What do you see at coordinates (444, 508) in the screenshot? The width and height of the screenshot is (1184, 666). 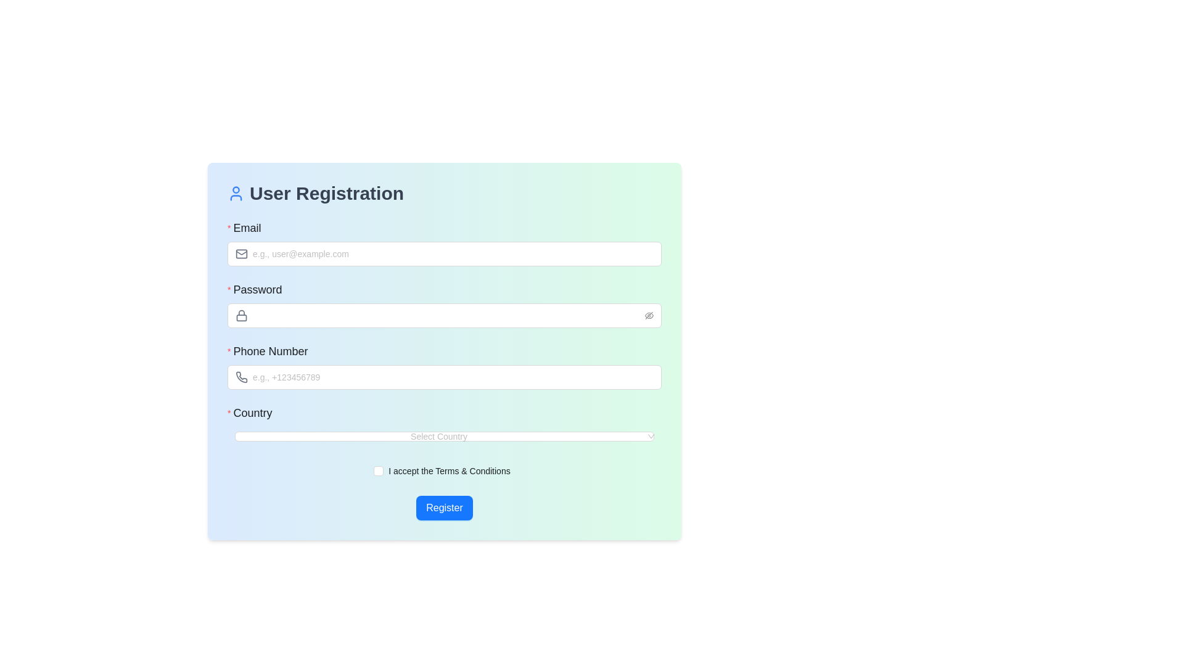 I see `label text displayed on the central text of the blue rectangular button labeled 'Register' located at the bottom center of the user registration form` at bounding box center [444, 508].